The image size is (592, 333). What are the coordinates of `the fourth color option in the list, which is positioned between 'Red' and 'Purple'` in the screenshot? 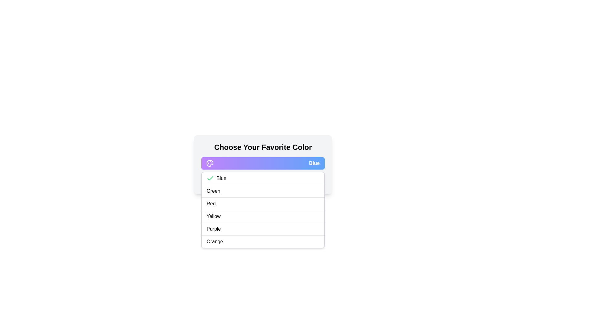 It's located at (263, 216).